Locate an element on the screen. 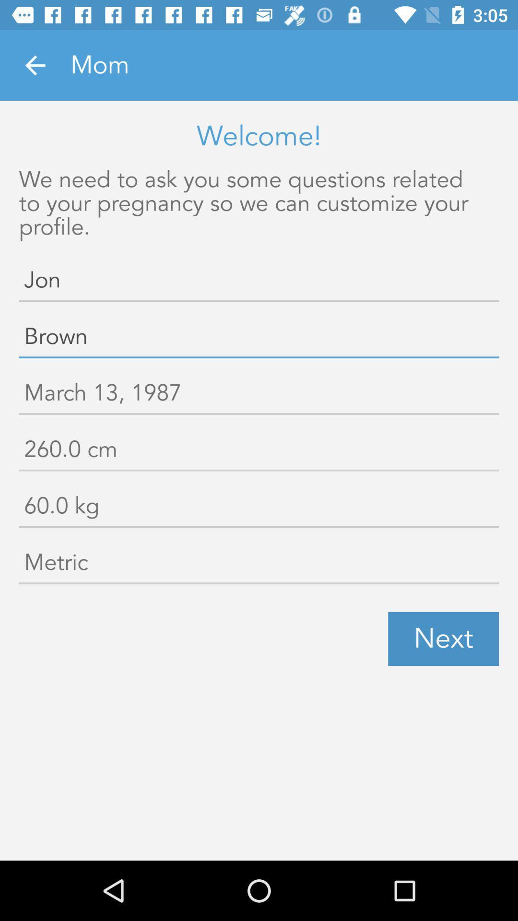  the metric icon is located at coordinates (259, 565).